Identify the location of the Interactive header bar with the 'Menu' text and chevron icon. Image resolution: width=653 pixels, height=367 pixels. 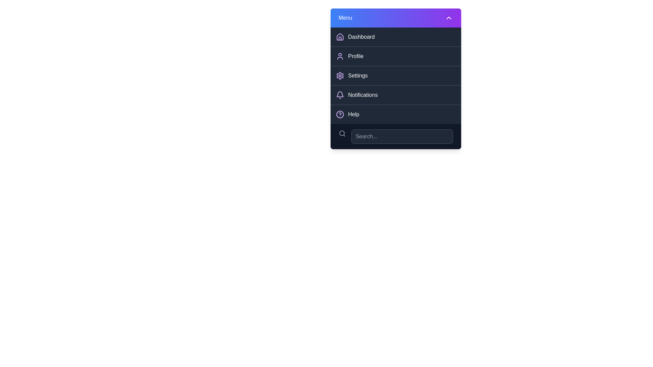
(396, 18).